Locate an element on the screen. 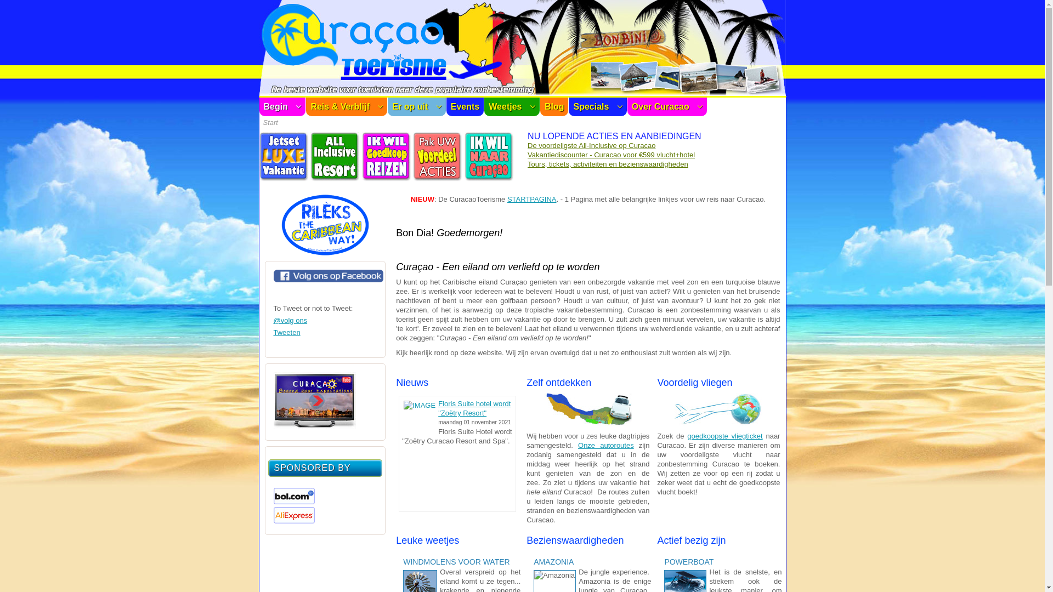  'Reis & Verblijf' is located at coordinates (346, 107).